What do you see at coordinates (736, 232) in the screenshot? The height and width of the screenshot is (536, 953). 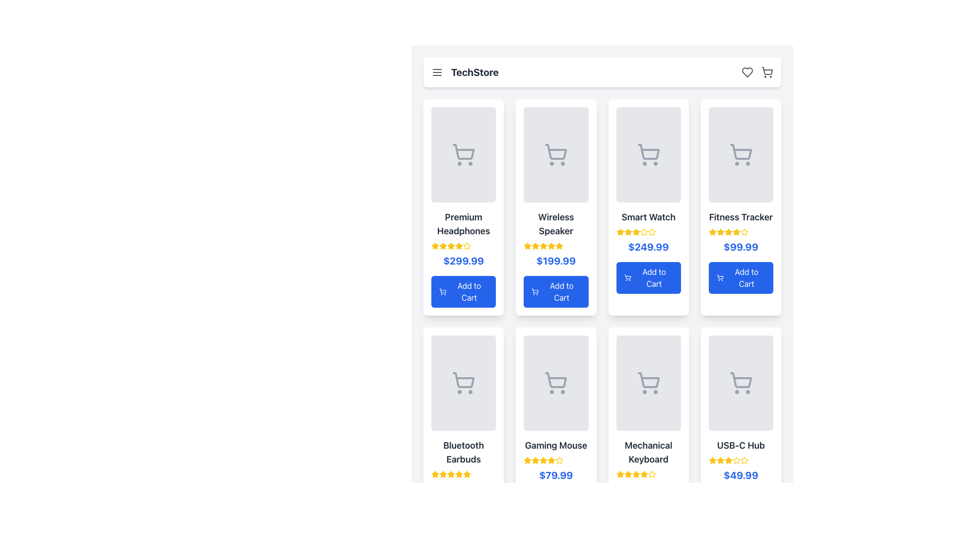 I see `the fifth rating star in the 'Fitness Tracker' card` at bounding box center [736, 232].